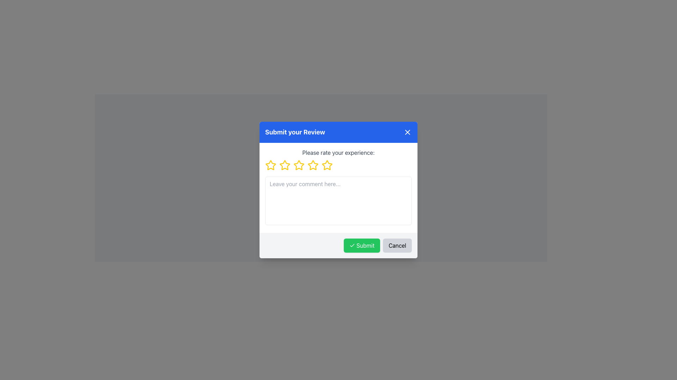 This screenshot has width=677, height=380. Describe the element at coordinates (299, 165) in the screenshot. I see `the fourth yellow star-shaped icon in the star rating button row` at that location.